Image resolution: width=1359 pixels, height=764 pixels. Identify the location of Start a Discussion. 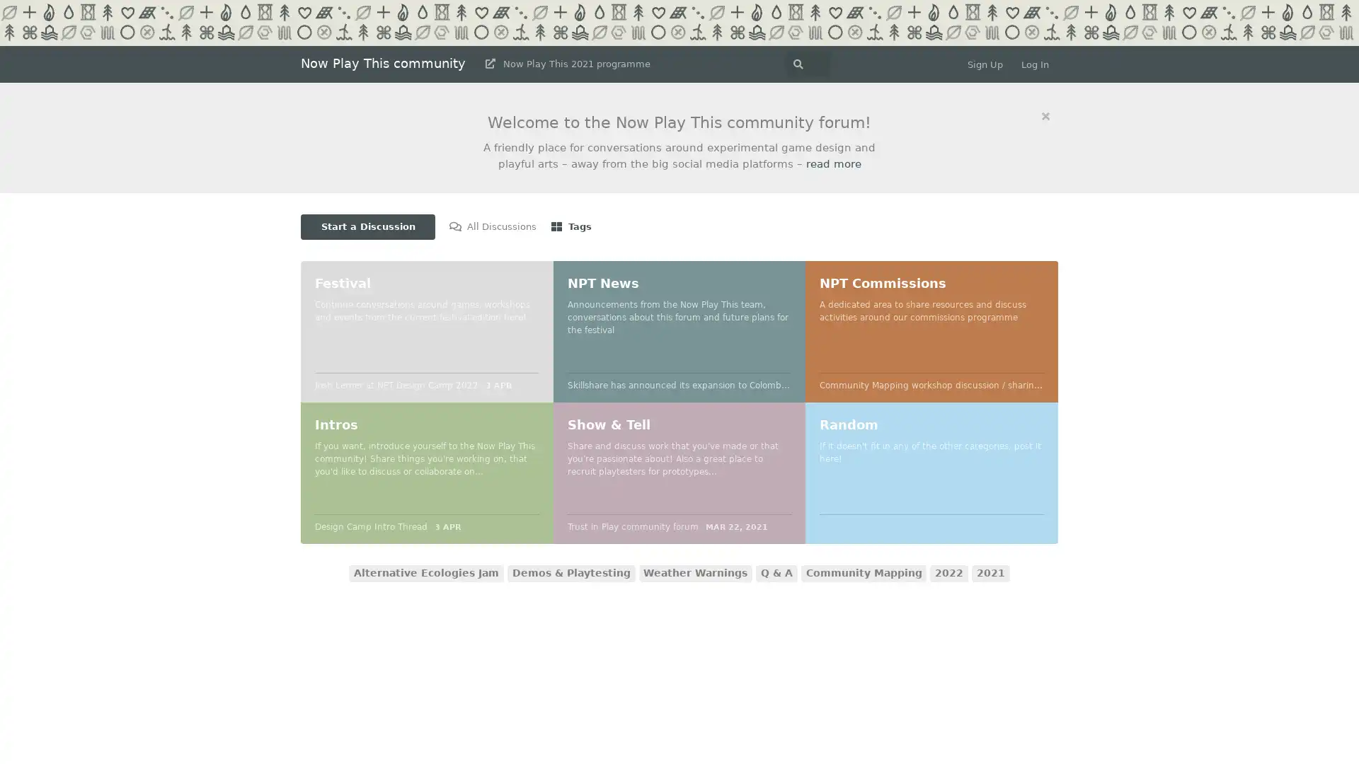
(367, 226).